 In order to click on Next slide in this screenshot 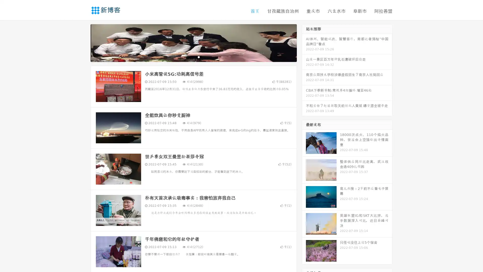, I will do `click(304, 42)`.